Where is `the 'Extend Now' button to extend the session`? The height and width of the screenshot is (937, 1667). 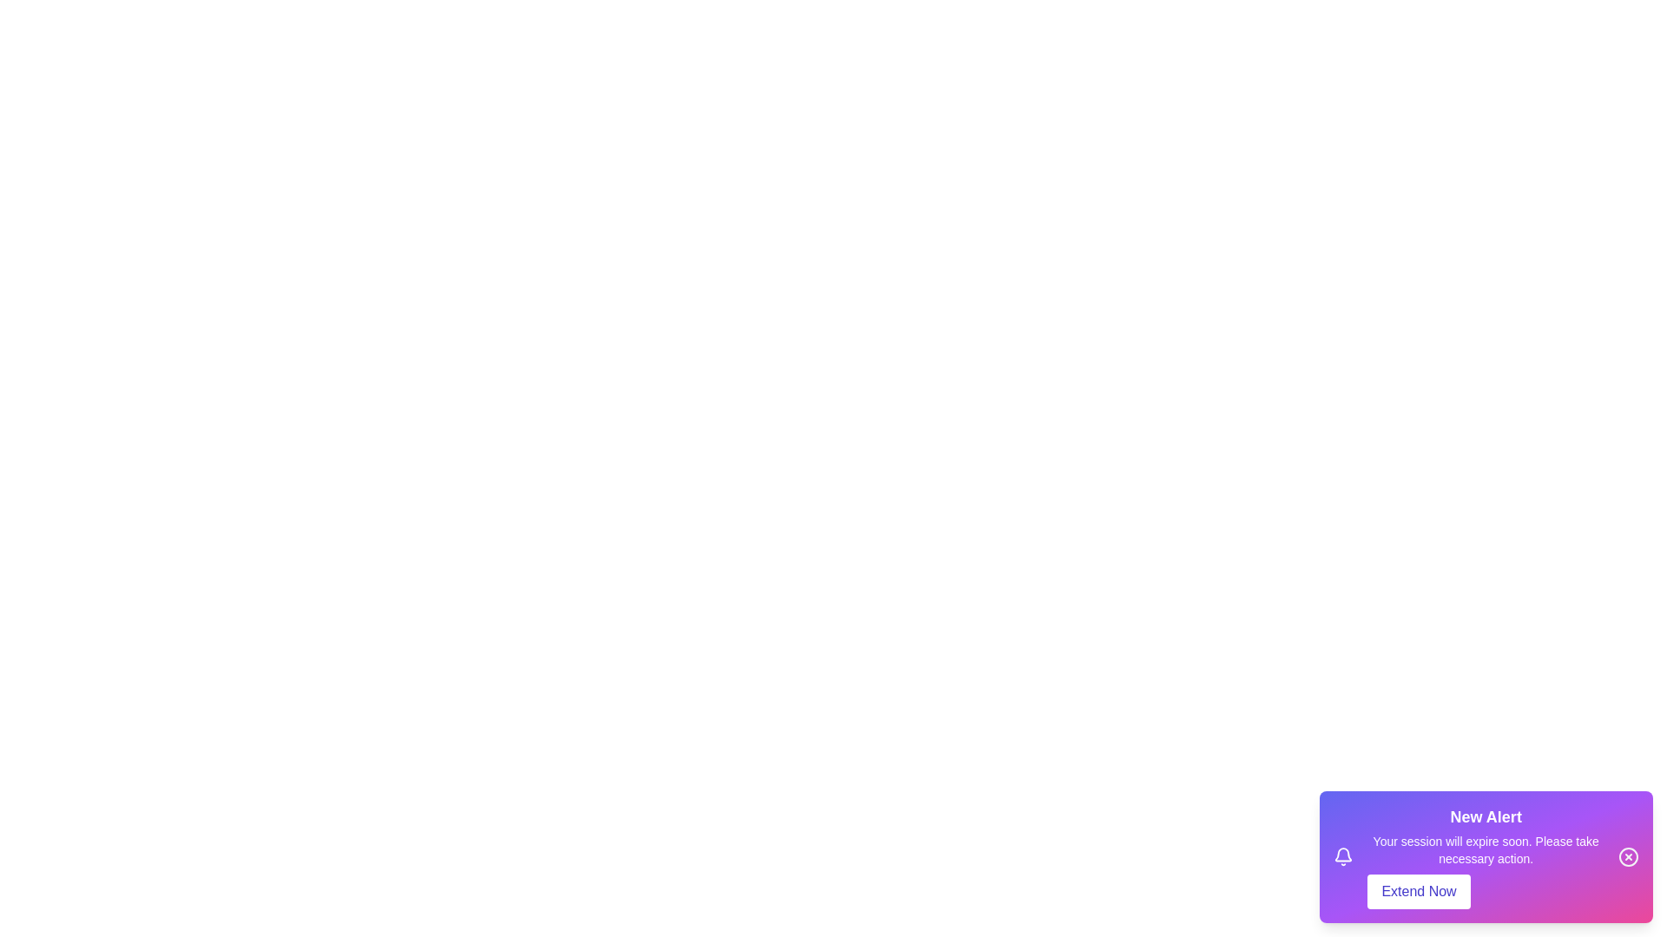 the 'Extend Now' button to extend the session is located at coordinates (1419, 892).